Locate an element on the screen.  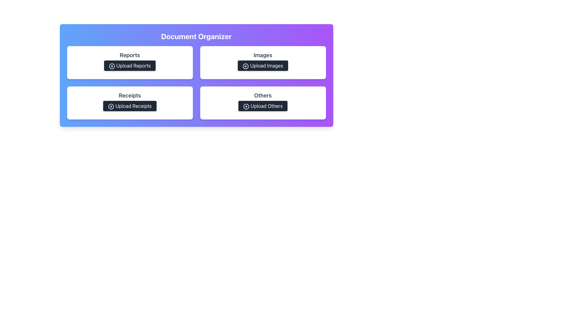
the SVG circle element that visually represents the action related to uploading receipts in the 'Upload Receipts' button located in the bottom-left quadrant of the layout under the heading 'Receipts' is located at coordinates (111, 106).